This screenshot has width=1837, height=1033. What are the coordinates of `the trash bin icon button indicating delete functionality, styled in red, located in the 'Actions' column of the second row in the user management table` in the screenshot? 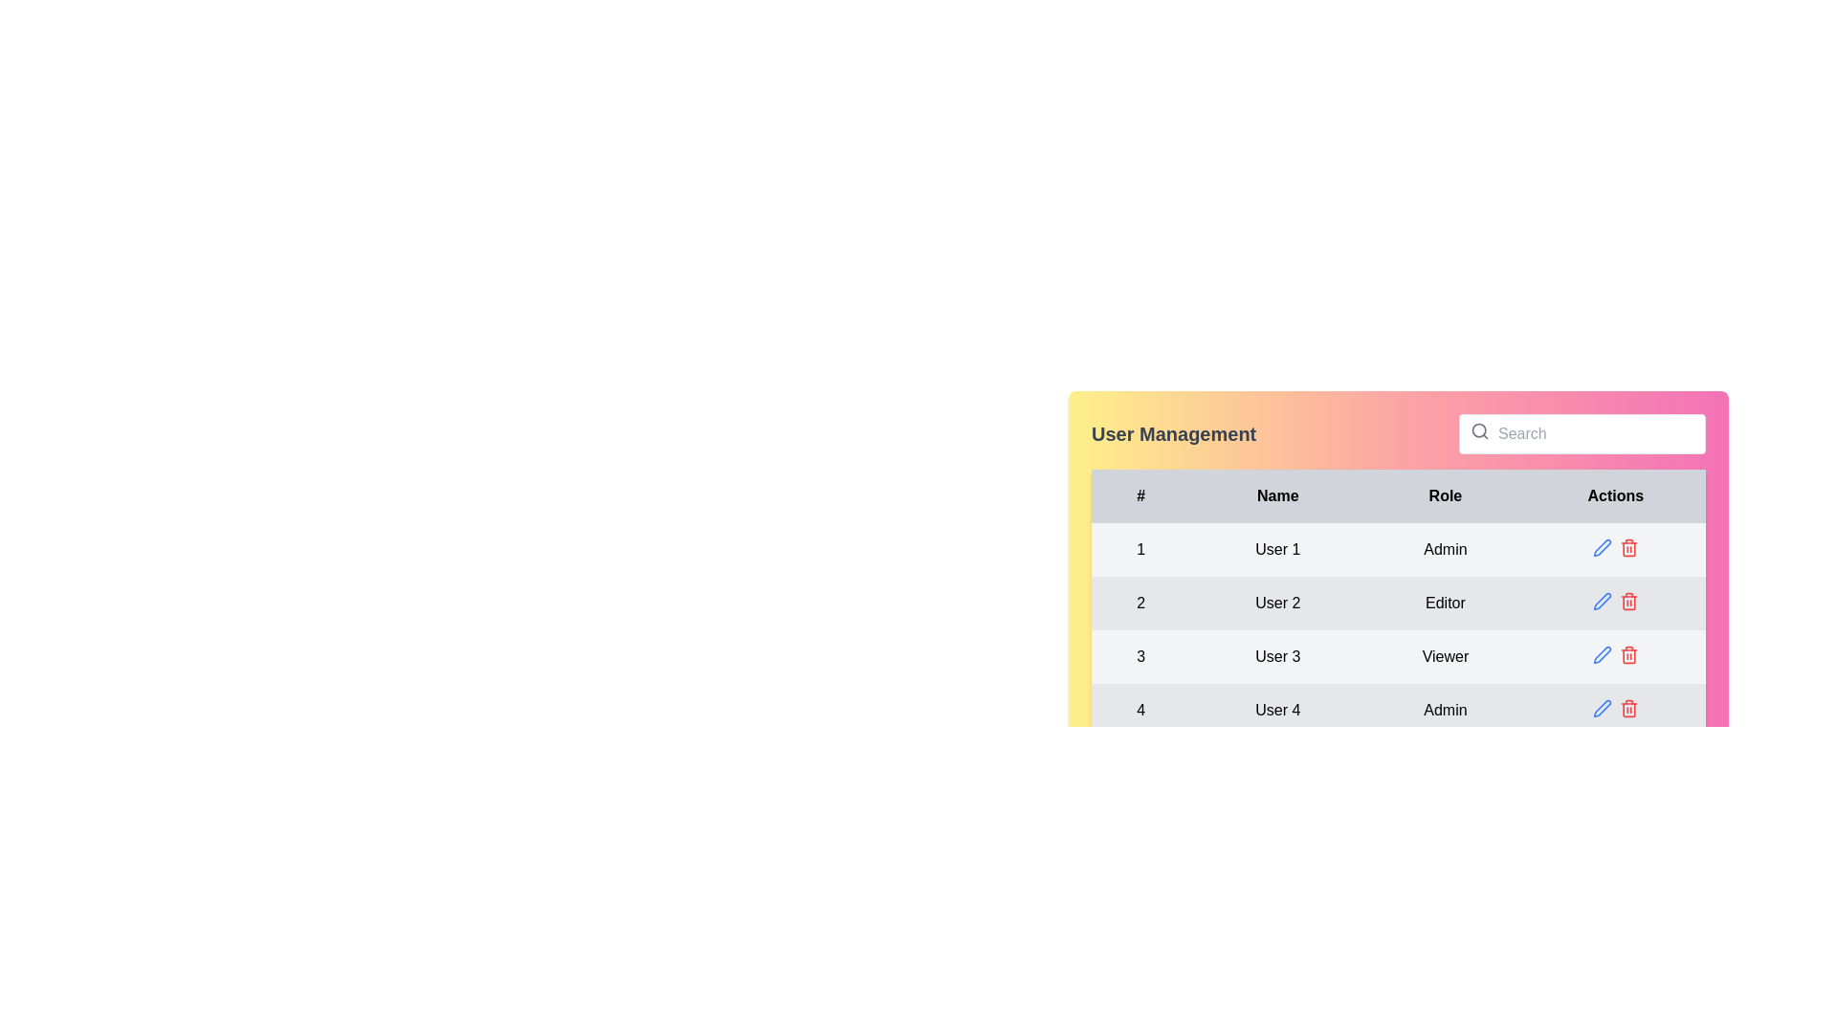 It's located at (1627, 600).